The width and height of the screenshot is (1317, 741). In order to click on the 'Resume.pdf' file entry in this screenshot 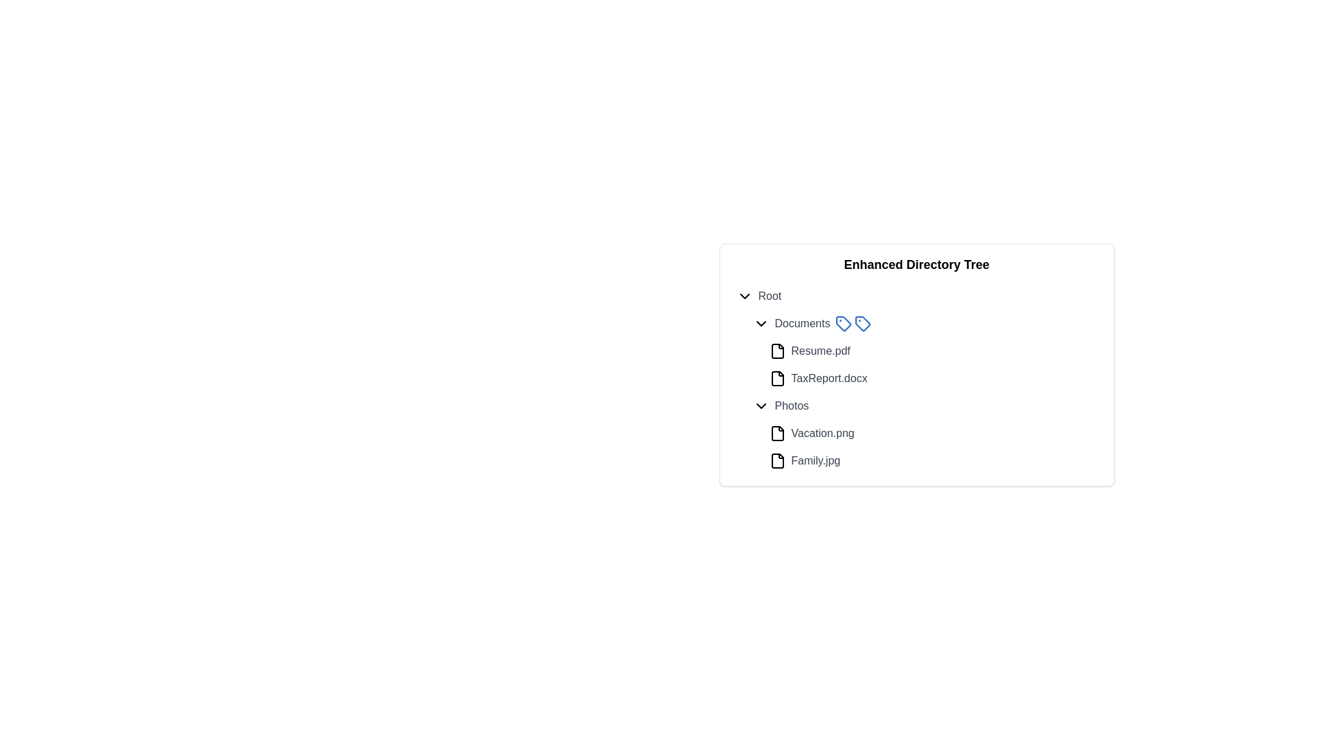, I will do `click(933, 351)`.